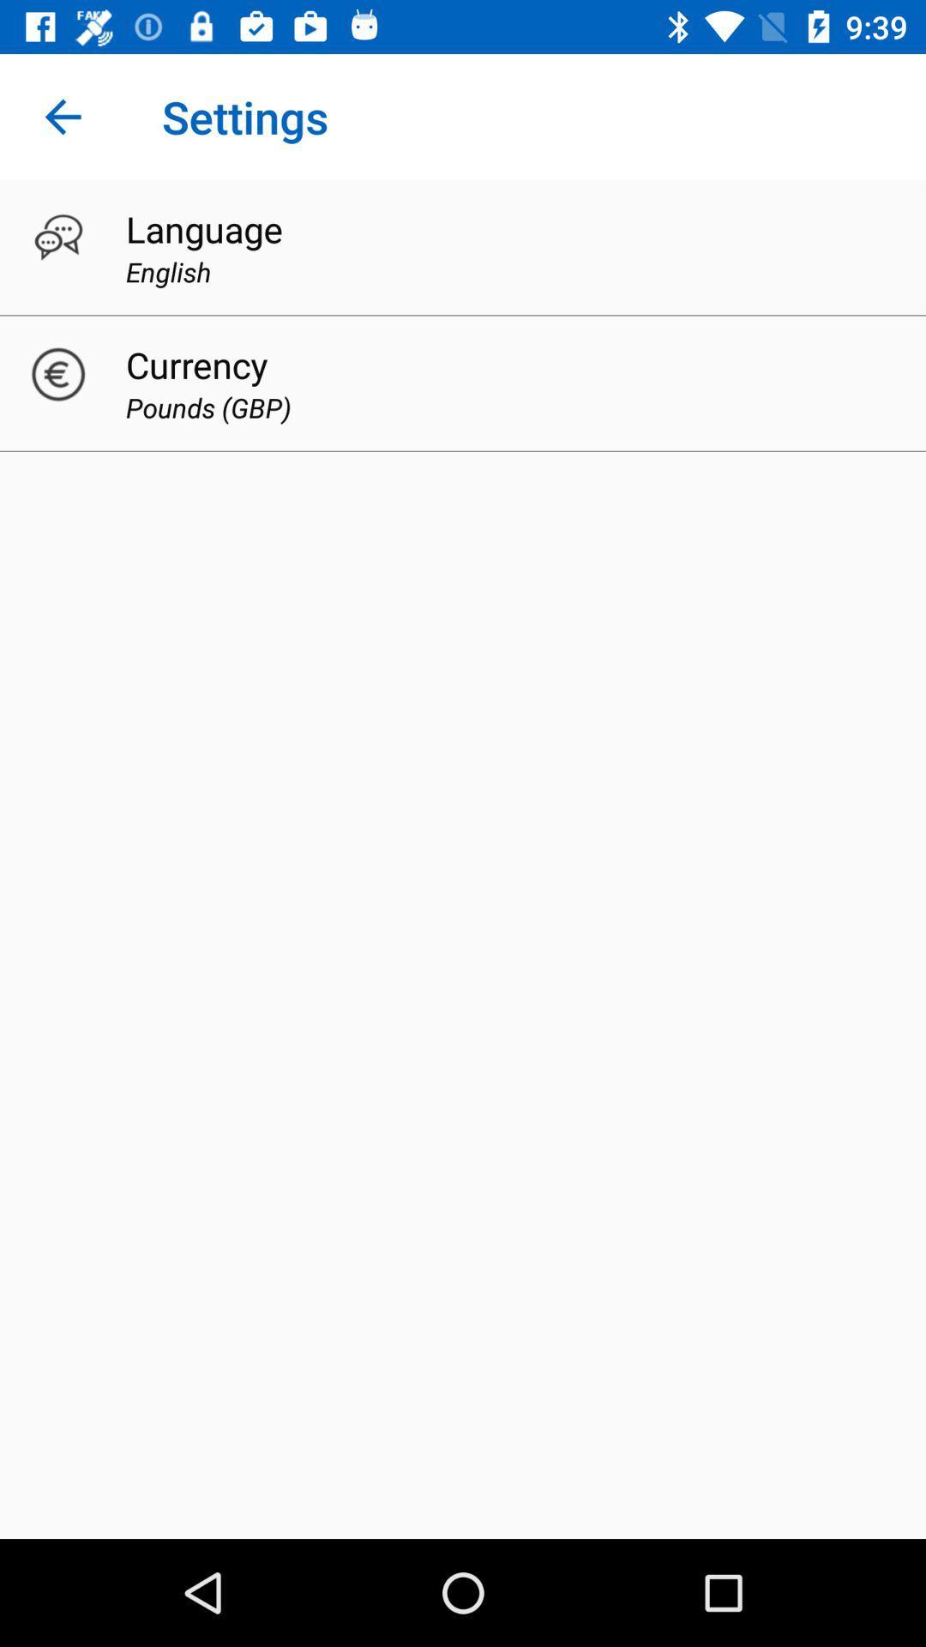 The width and height of the screenshot is (926, 1647). Describe the element at coordinates (203, 228) in the screenshot. I see `the icon above the english item` at that location.